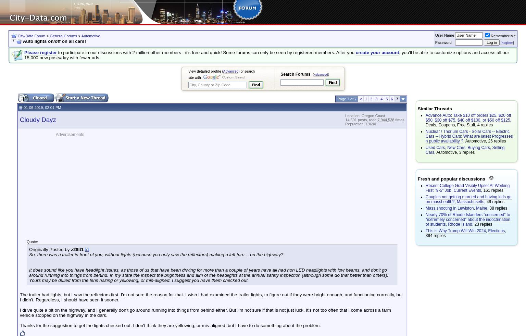 The width and height of the screenshot is (526, 336). I want to click on 'create your account', so click(377, 52).